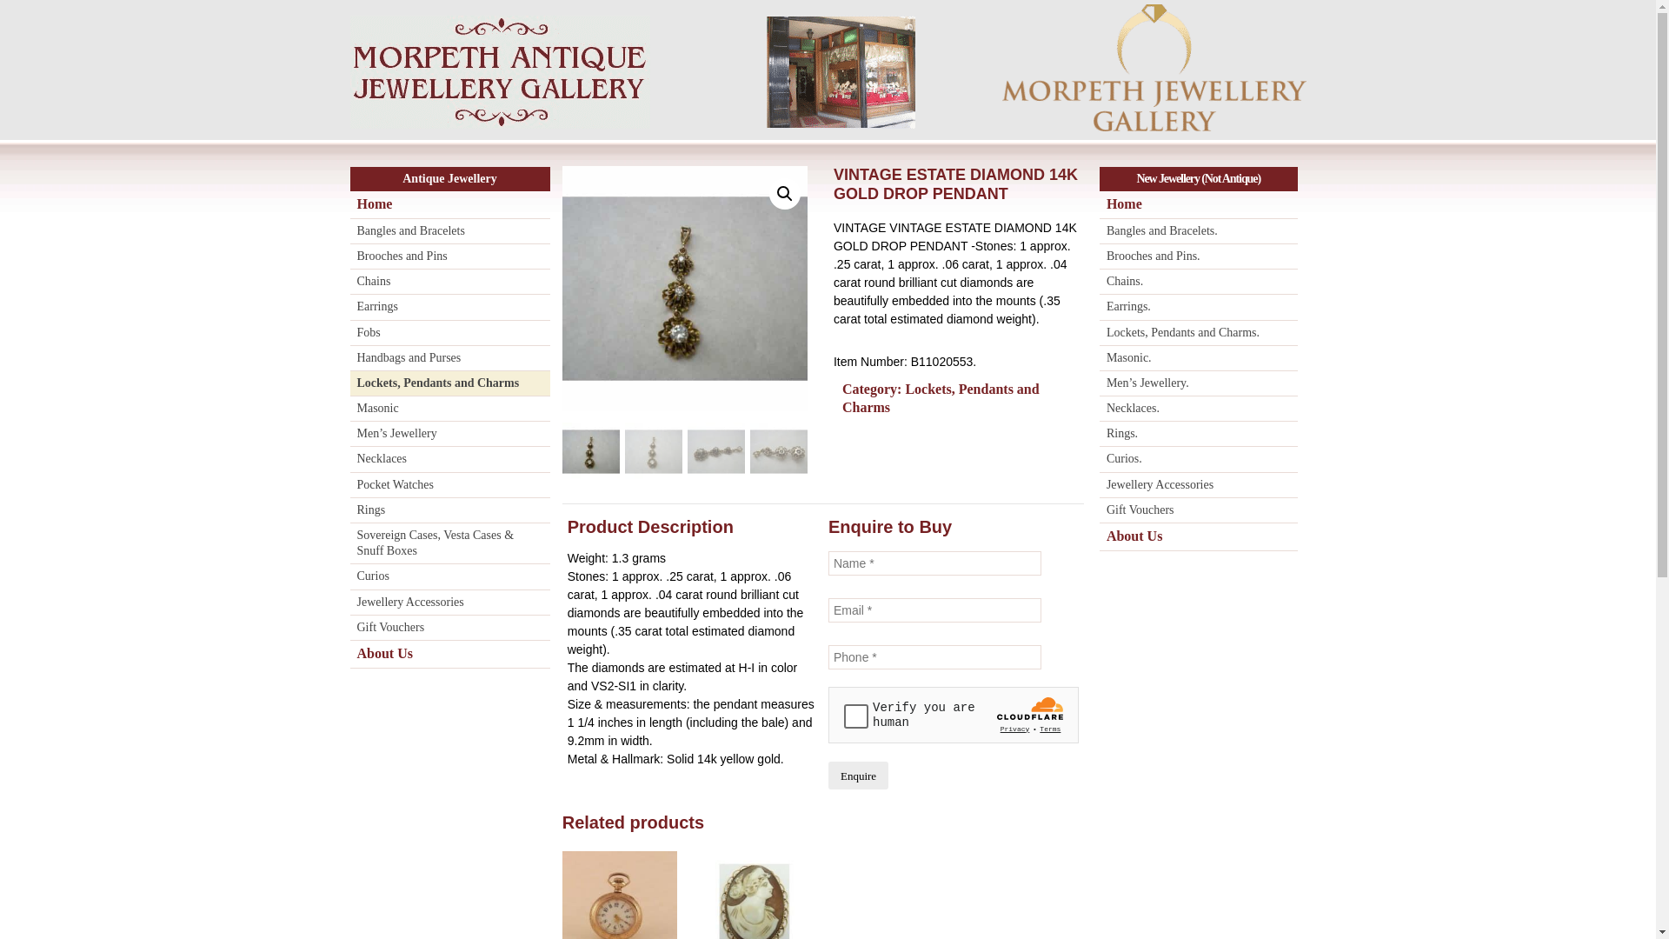 Image resolution: width=1669 pixels, height=939 pixels. Describe the element at coordinates (1197, 256) in the screenshot. I see `'Brooches and Pins.'` at that location.